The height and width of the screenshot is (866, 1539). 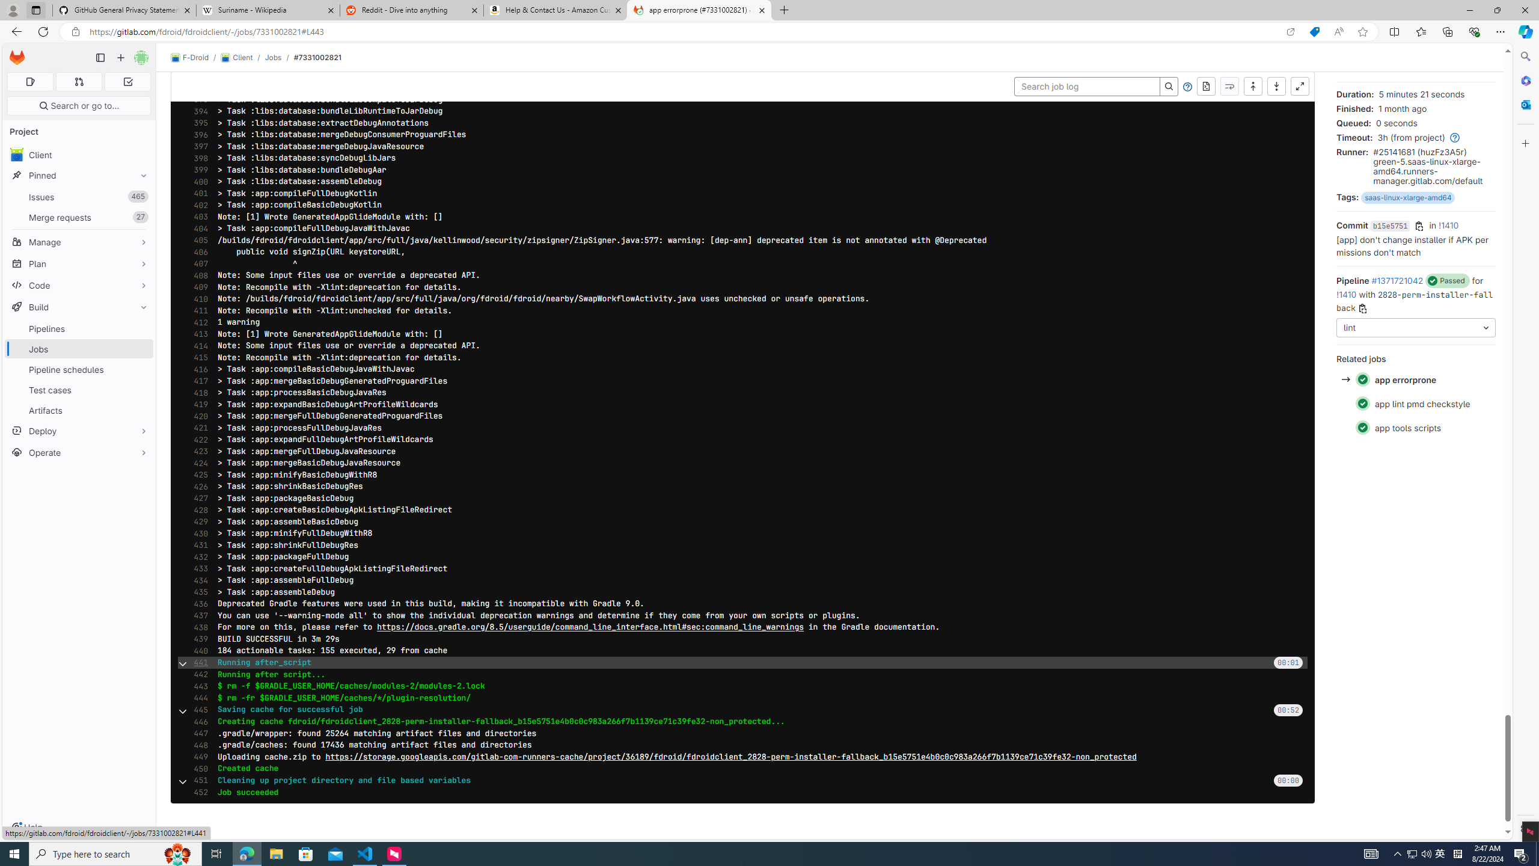 What do you see at coordinates (140, 196) in the screenshot?
I see `'Unpin Issues'` at bounding box center [140, 196].